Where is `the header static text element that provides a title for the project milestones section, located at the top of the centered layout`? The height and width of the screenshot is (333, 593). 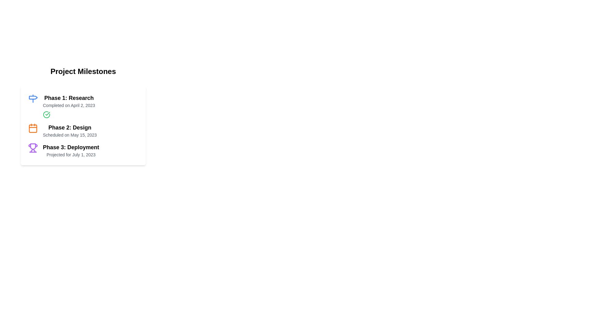
the header static text element that provides a title for the project milestones section, located at the top of the centered layout is located at coordinates (83, 71).